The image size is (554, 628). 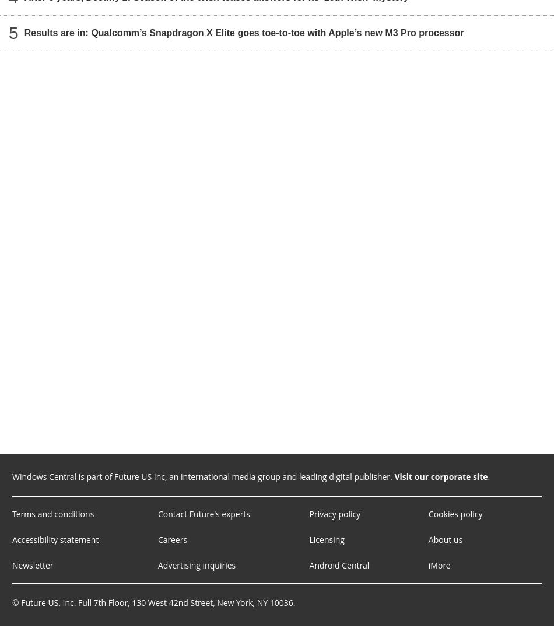 What do you see at coordinates (438, 565) in the screenshot?
I see `'iMore'` at bounding box center [438, 565].